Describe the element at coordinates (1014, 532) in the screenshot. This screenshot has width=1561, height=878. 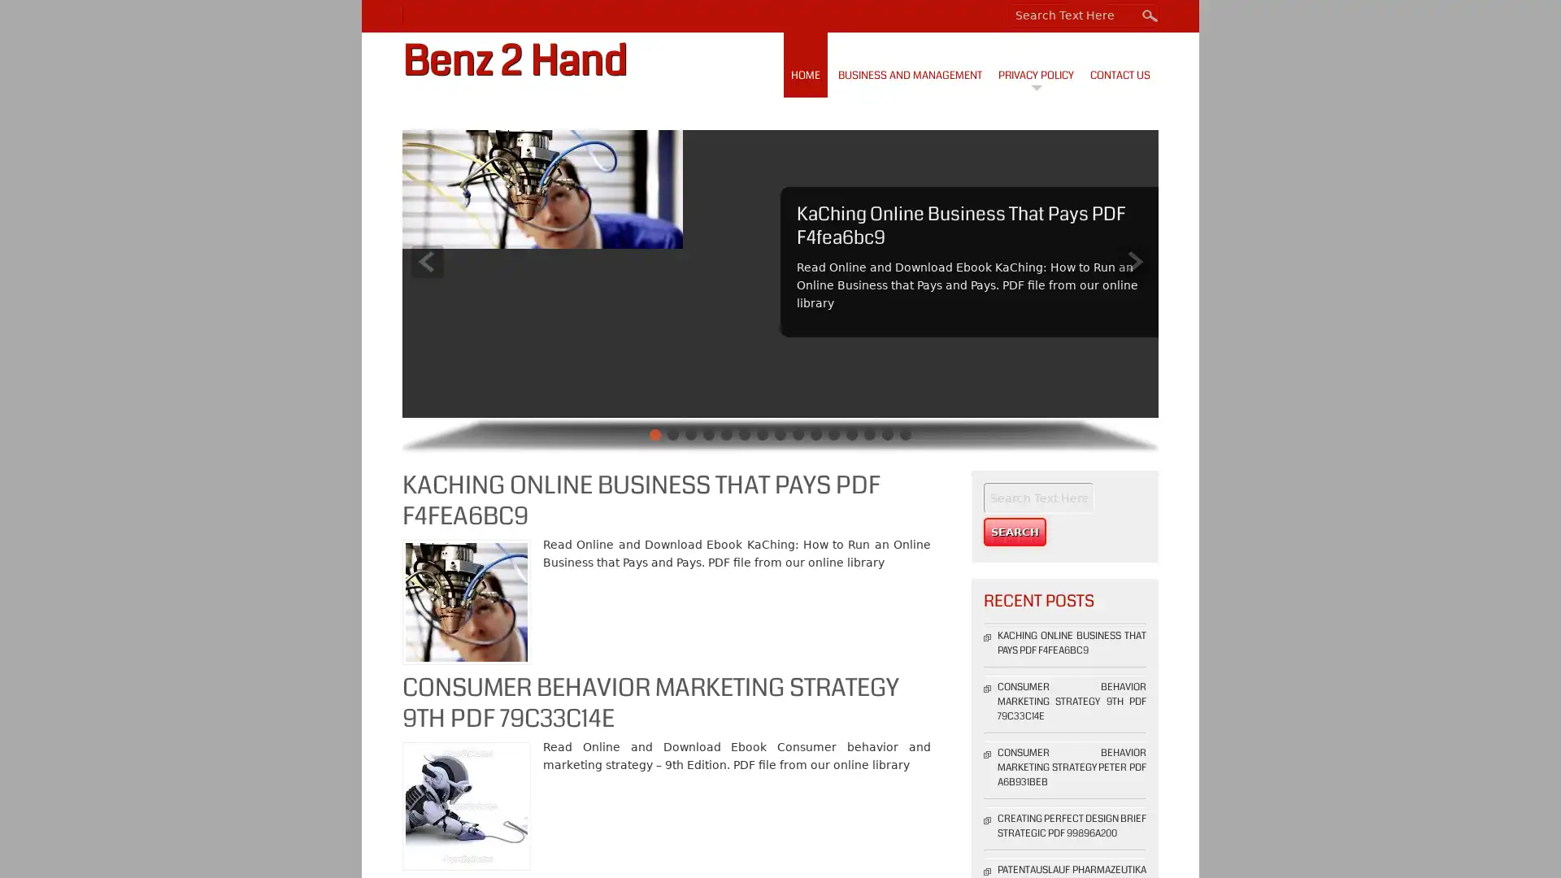
I see `Search` at that location.